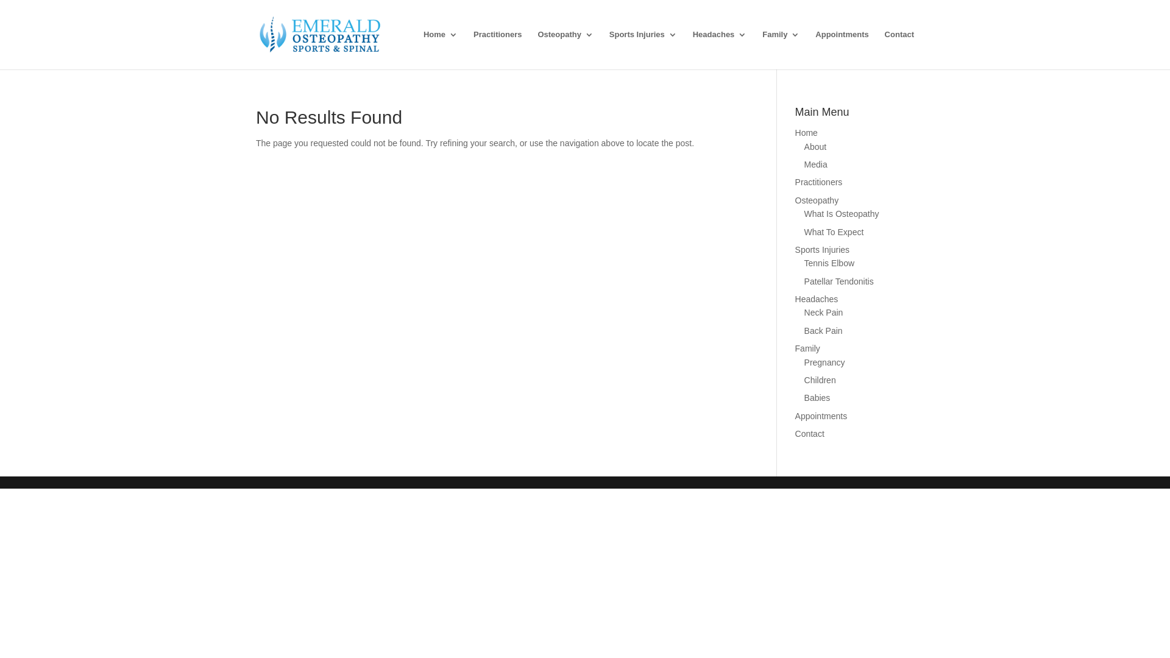 Image resolution: width=1170 pixels, height=658 pixels. I want to click on 'Practitioners', so click(473, 49).